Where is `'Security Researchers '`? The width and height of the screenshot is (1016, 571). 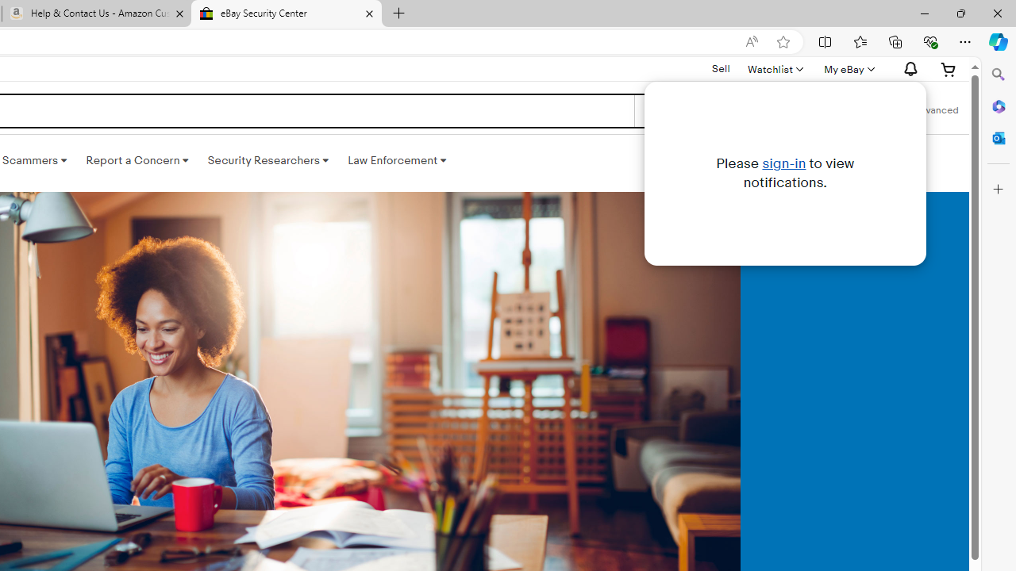 'Security Researchers ' is located at coordinates (267, 161).